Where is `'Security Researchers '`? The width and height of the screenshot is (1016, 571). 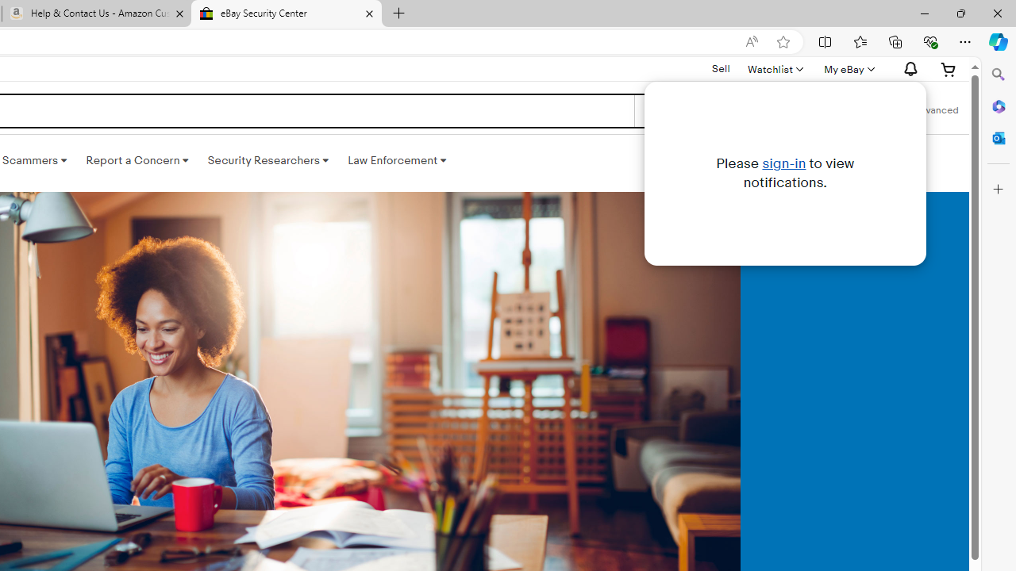 'Security Researchers ' is located at coordinates (267, 161).